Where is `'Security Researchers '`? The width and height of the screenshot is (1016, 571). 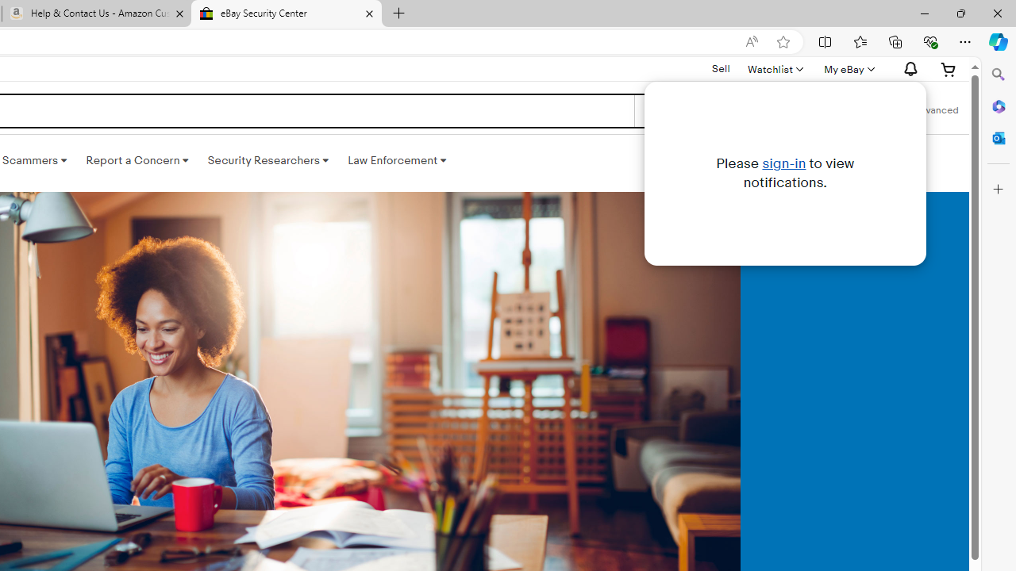 'Security Researchers ' is located at coordinates (267, 161).